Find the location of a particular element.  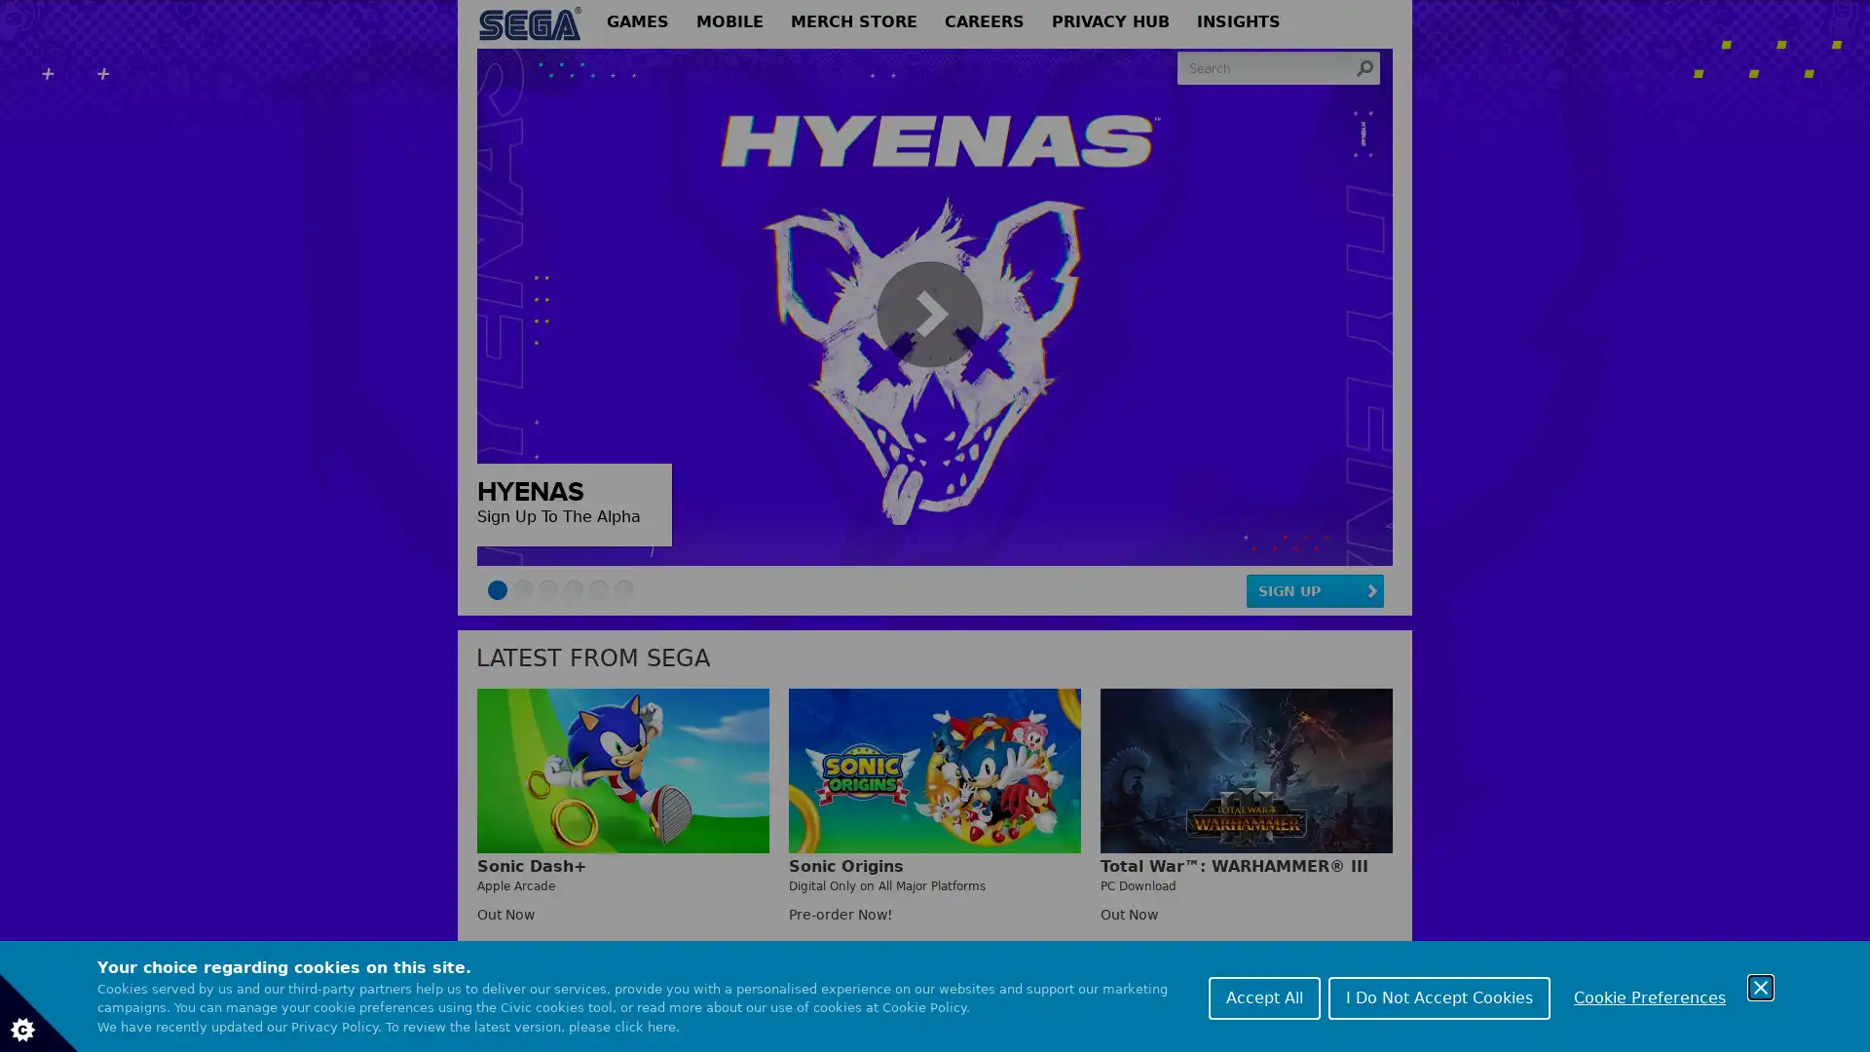

Accept All is located at coordinates (1264, 996).